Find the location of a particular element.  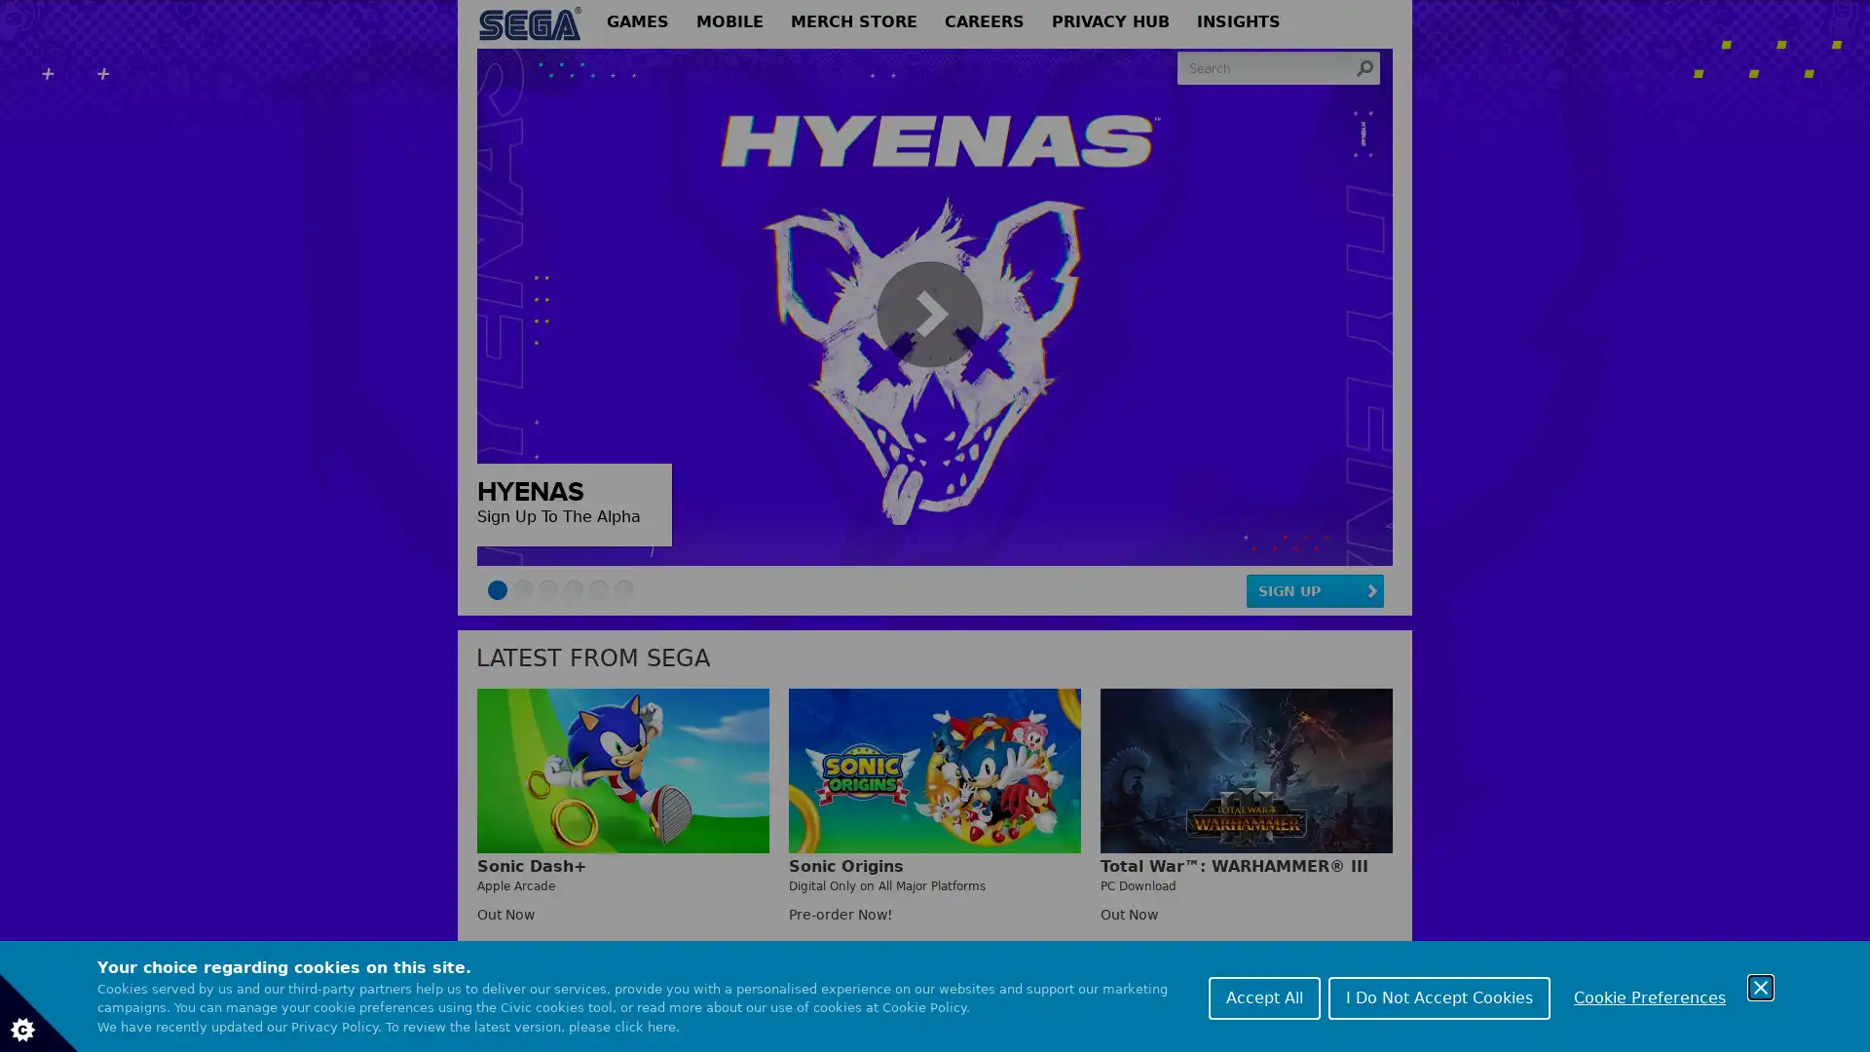

Accept All is located at coordinates (1264, 996).